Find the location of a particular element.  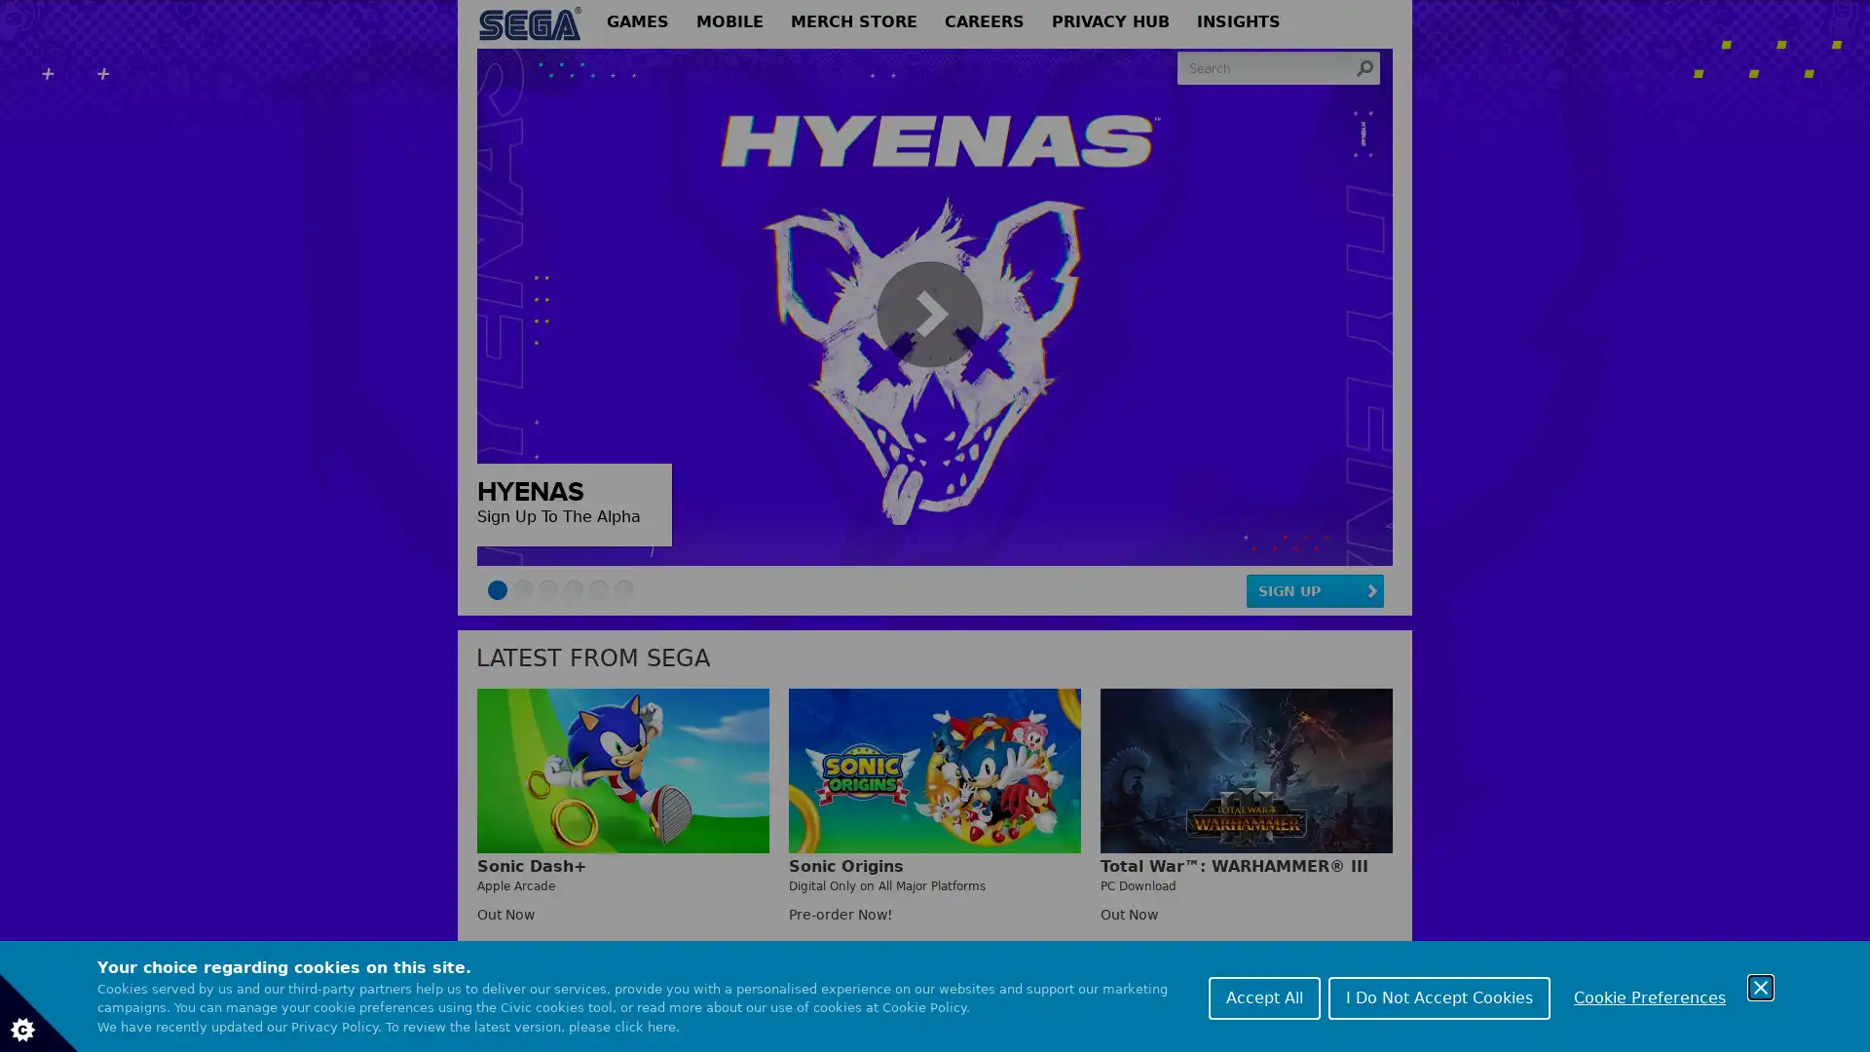

Accept All is located at coordinates (1264, 996).